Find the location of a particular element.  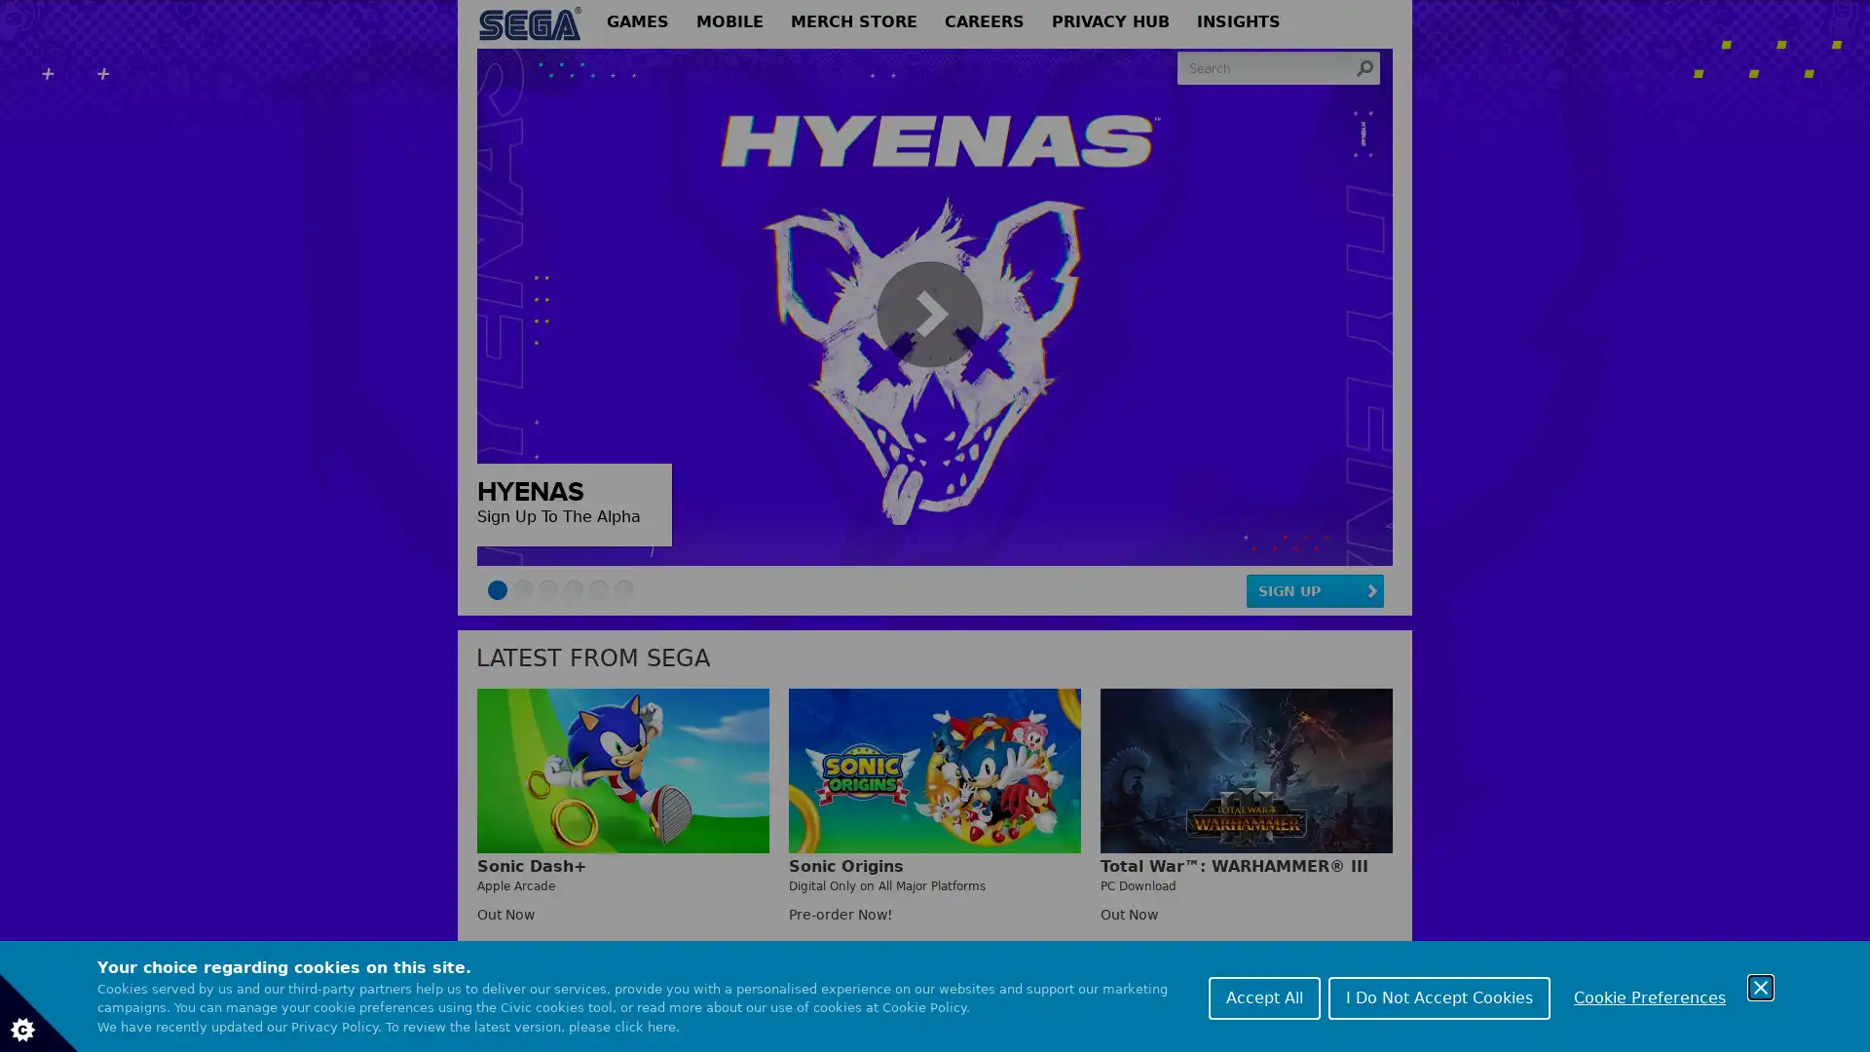

Accept All is located at coordinates (1264, 996).